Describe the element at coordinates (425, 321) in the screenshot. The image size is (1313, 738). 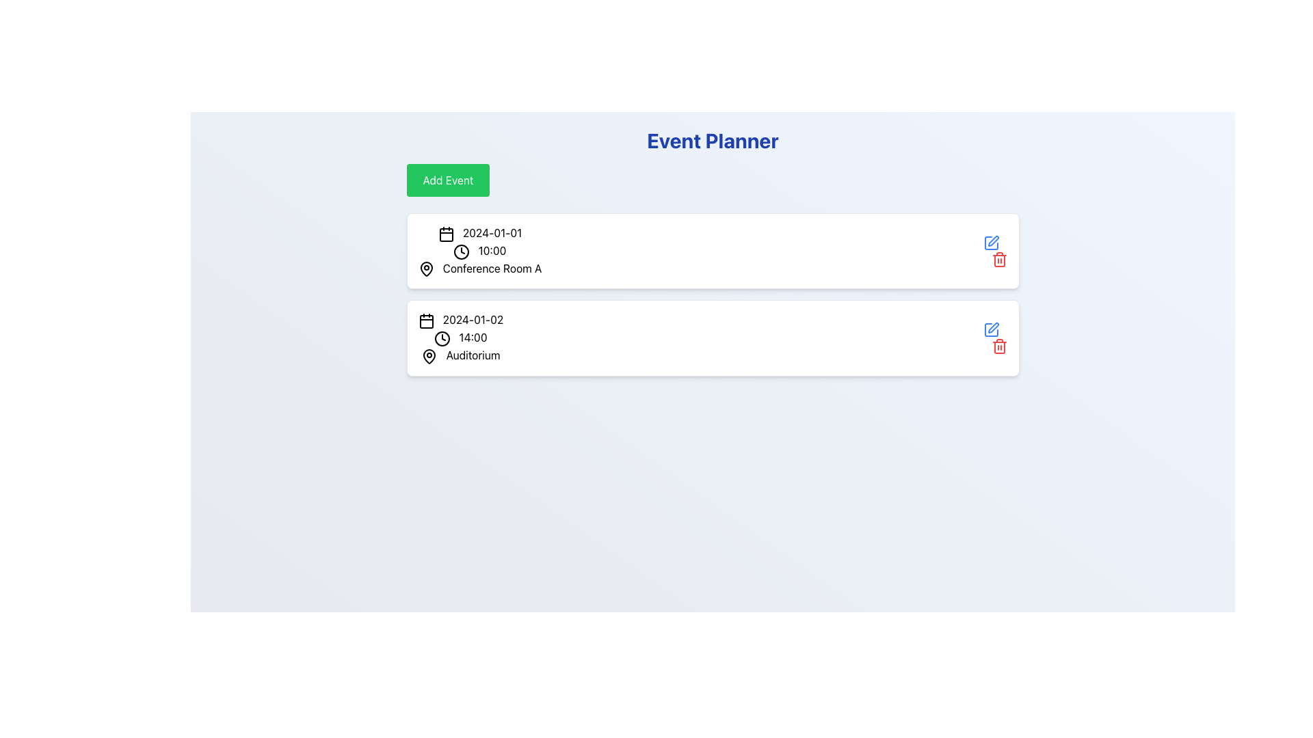
I see `the calendar icon located at the beginning of the second event entry, aligned to the left of the date '2024-01-02'` at that location.